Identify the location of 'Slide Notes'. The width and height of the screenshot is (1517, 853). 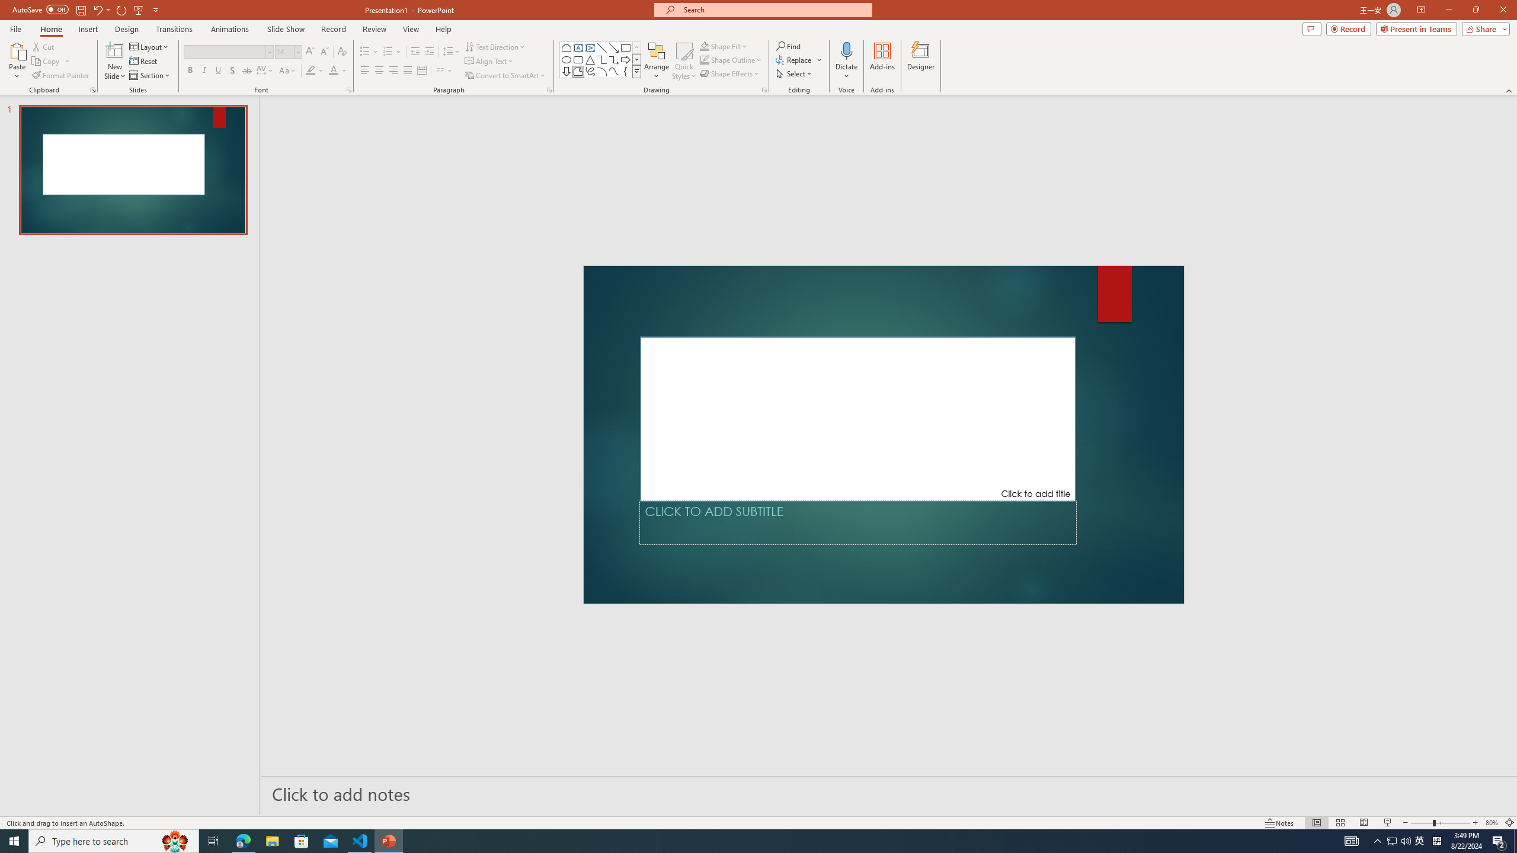
(889, 793).